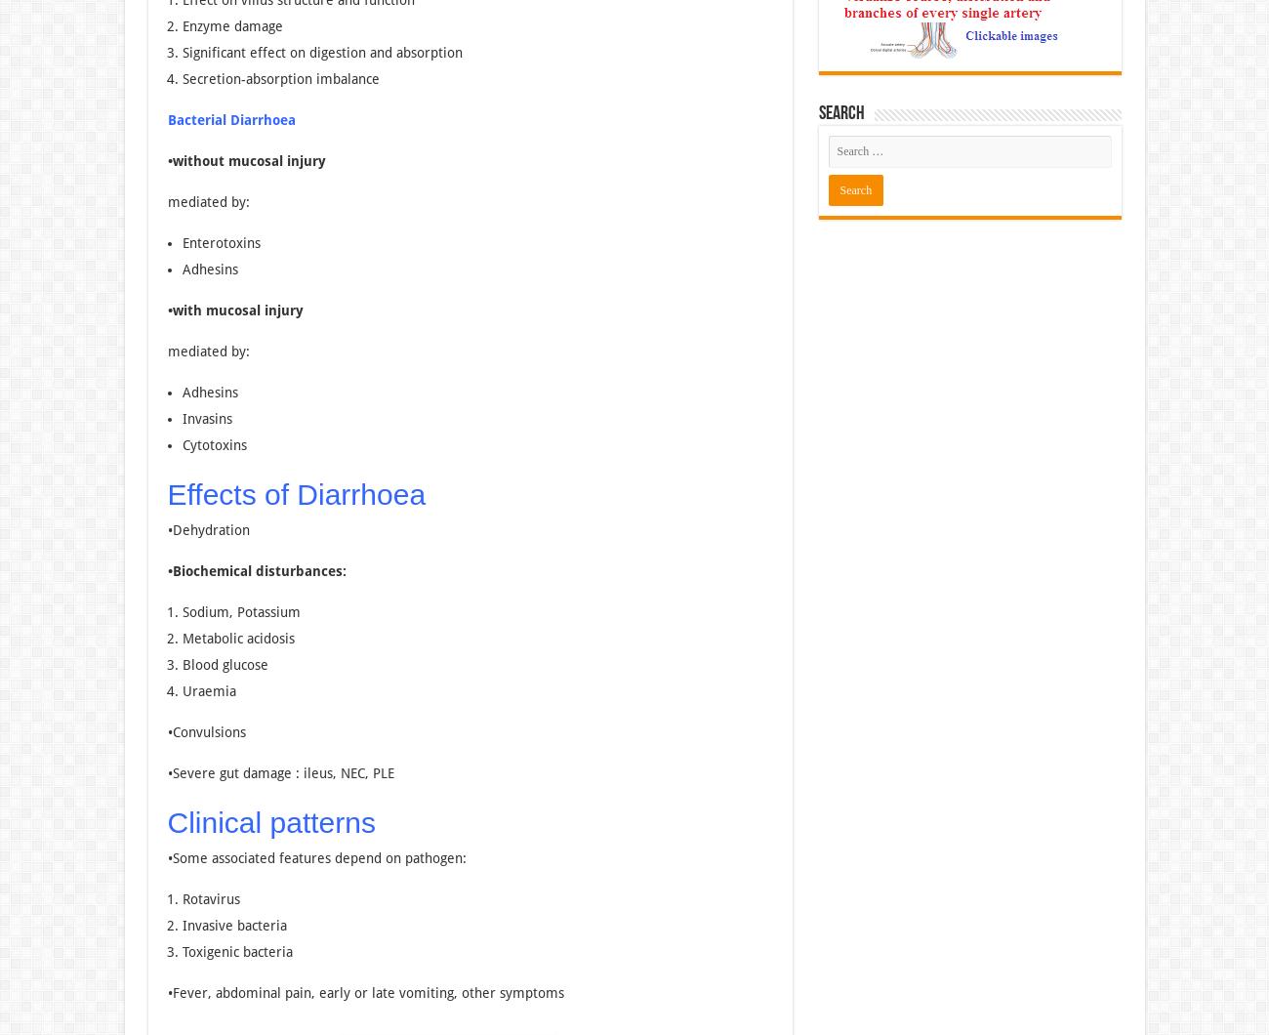  Describe the element at coordinates (320, 52) in the screenshot. I see `'Significant effect on digestion and absorption'` at that location.